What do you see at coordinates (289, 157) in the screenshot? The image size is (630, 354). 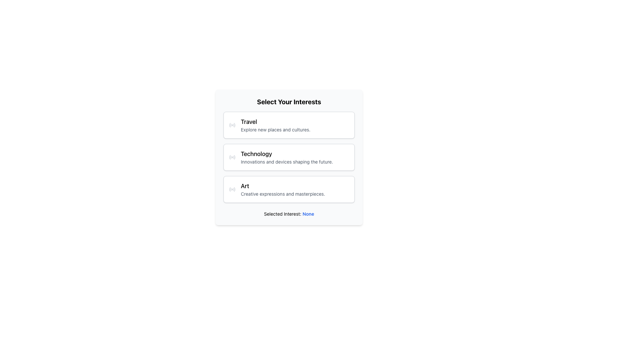 I see `the radio button selection element for 'Technology'` at bounding box center [289, 157].